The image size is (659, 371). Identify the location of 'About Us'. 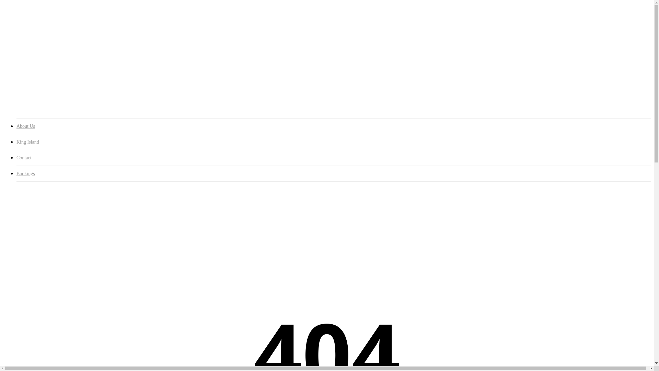
(334, 126).